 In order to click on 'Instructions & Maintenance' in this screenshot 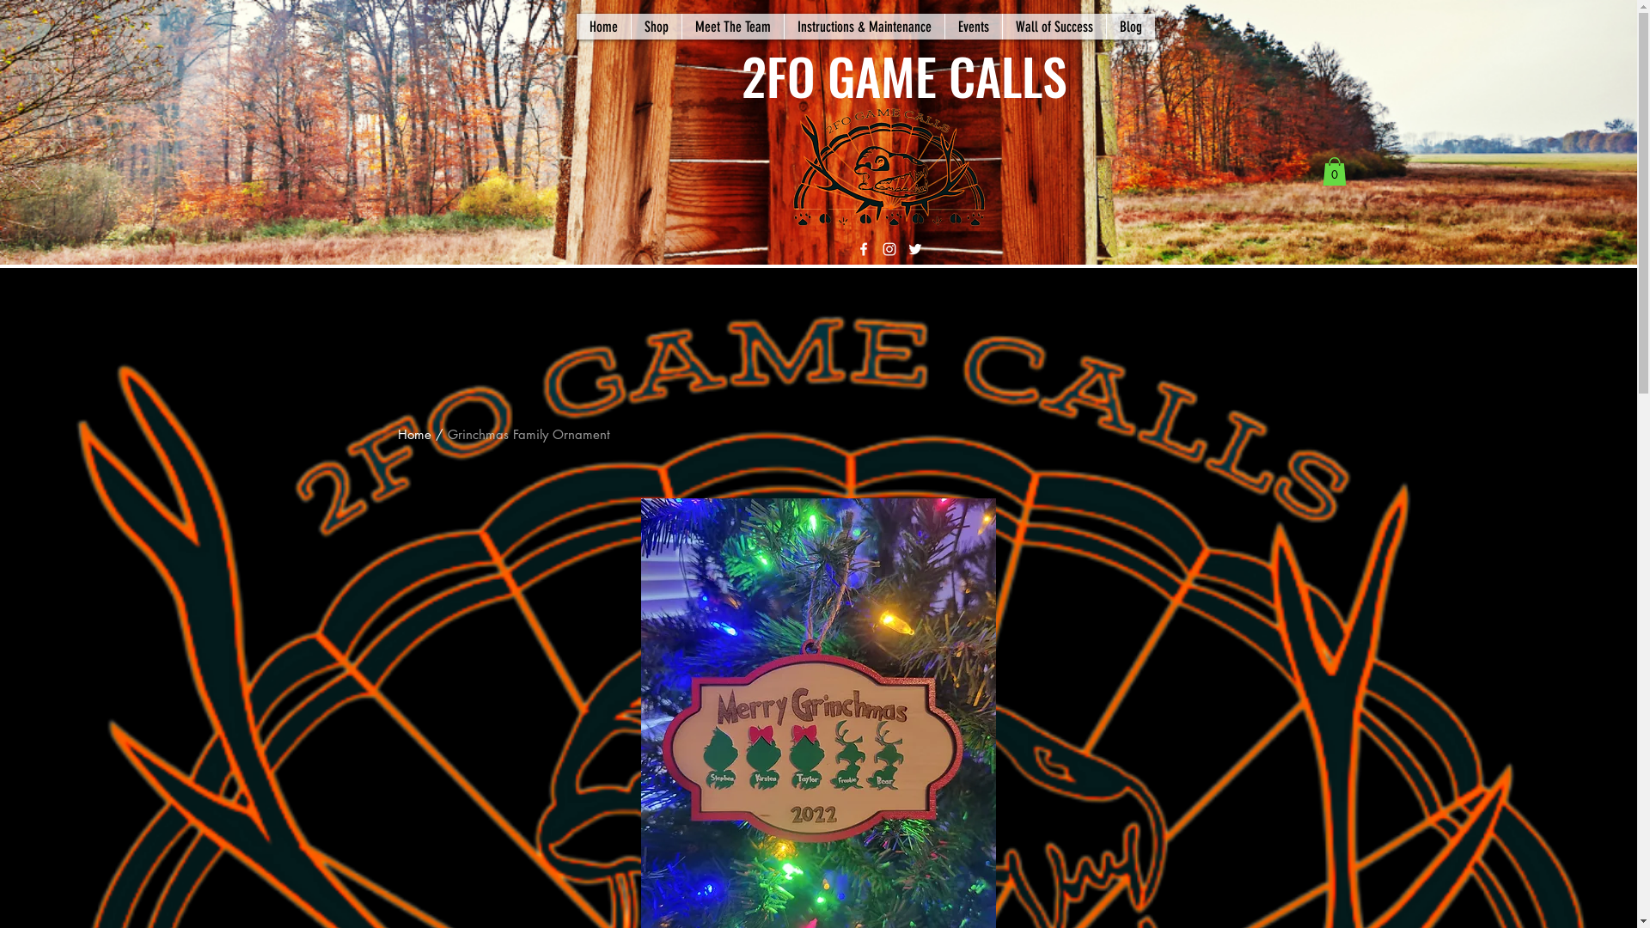, I will do `click(864, 26)`.